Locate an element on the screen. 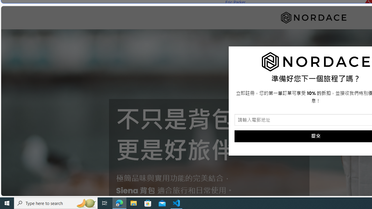 The height and width of the screenshot is (209, 372). 'Eric Parker' is located at coordinates (235, 2).